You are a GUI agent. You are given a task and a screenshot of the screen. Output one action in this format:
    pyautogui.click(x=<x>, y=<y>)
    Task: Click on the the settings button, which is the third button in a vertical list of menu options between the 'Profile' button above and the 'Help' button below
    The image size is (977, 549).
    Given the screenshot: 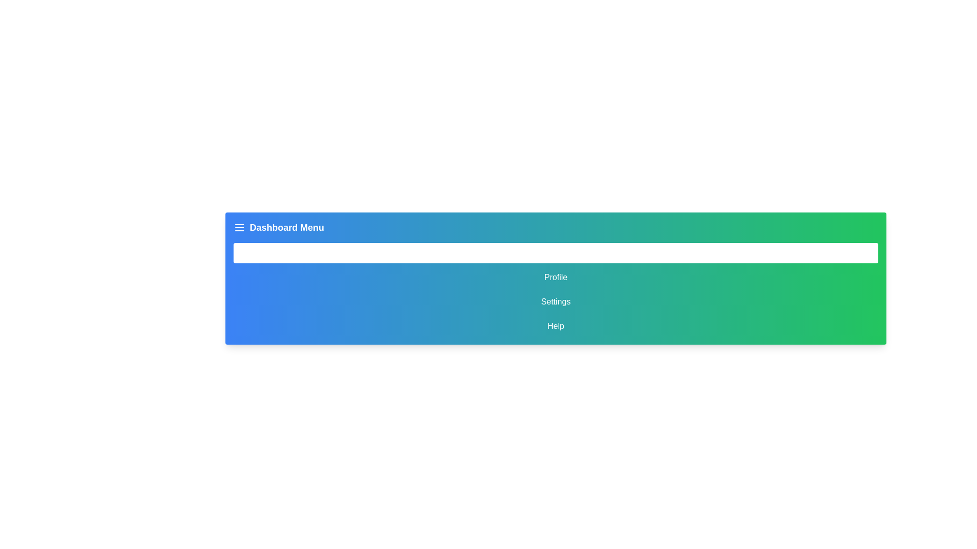 What is the action you would take?
    pyautogui.click(x=555, y=301)
    